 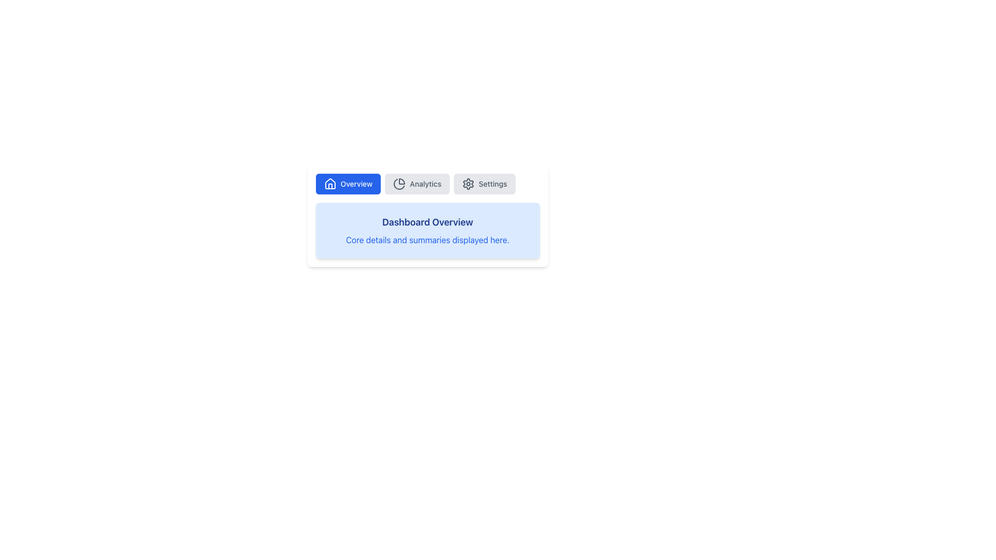 I want to click on the 'Overview' button, which is the first button in the horizontal menu bar, styled in blue with white text and a house-shaped icon, so click(x=348, y=183).